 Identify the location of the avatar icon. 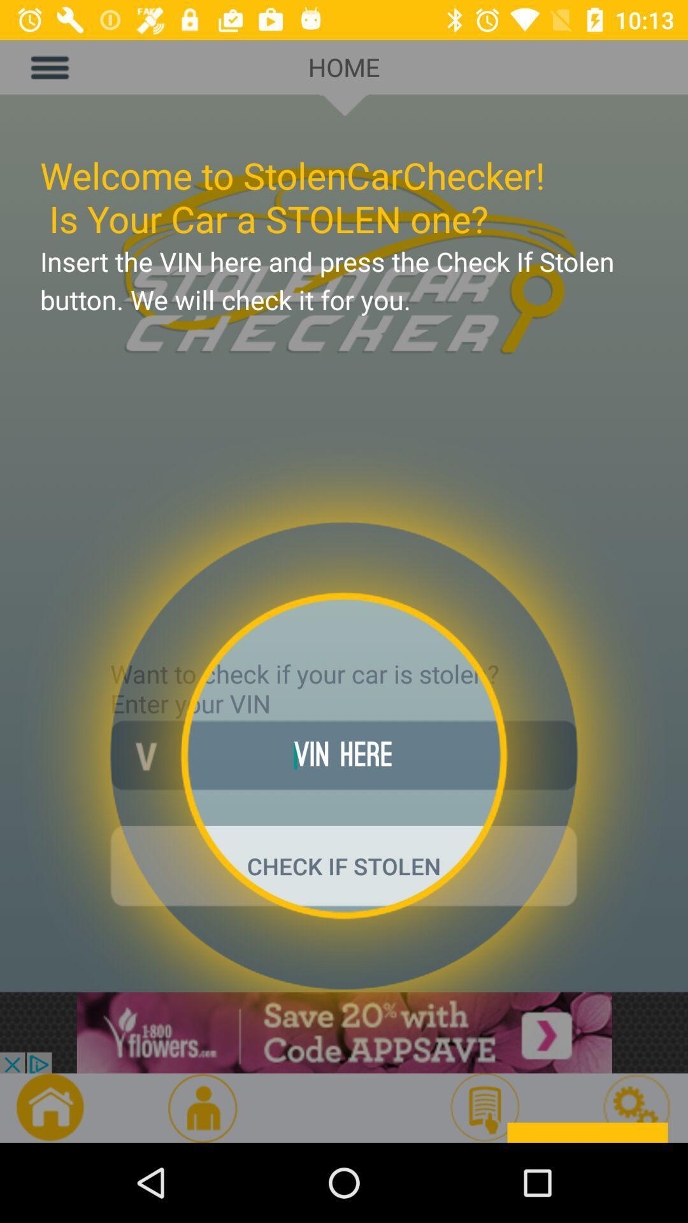
(202, 1107).